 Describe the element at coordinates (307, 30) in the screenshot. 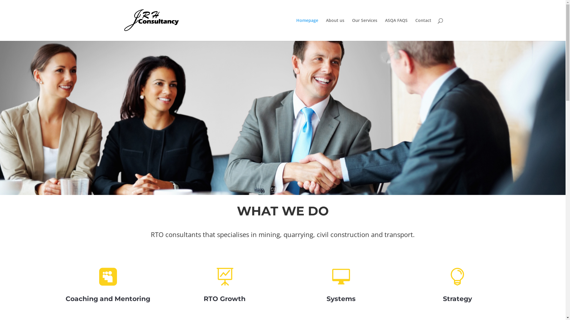

I see `'Homepage'` at that location.